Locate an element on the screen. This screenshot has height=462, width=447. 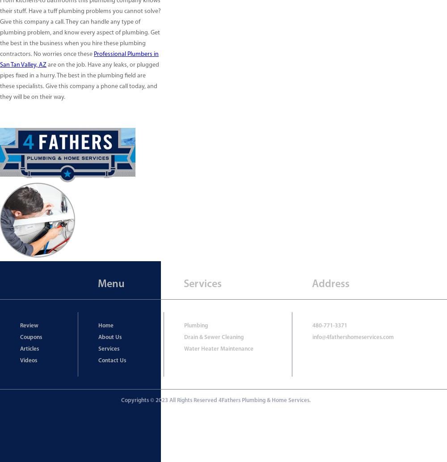
'Professional Plumbers in San Tan Valley, AZ' is located at coordinates (79, 59).